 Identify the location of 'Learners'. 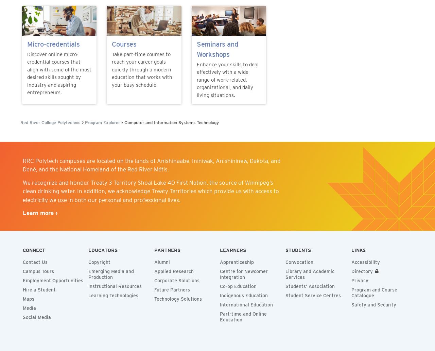
(232, 250).